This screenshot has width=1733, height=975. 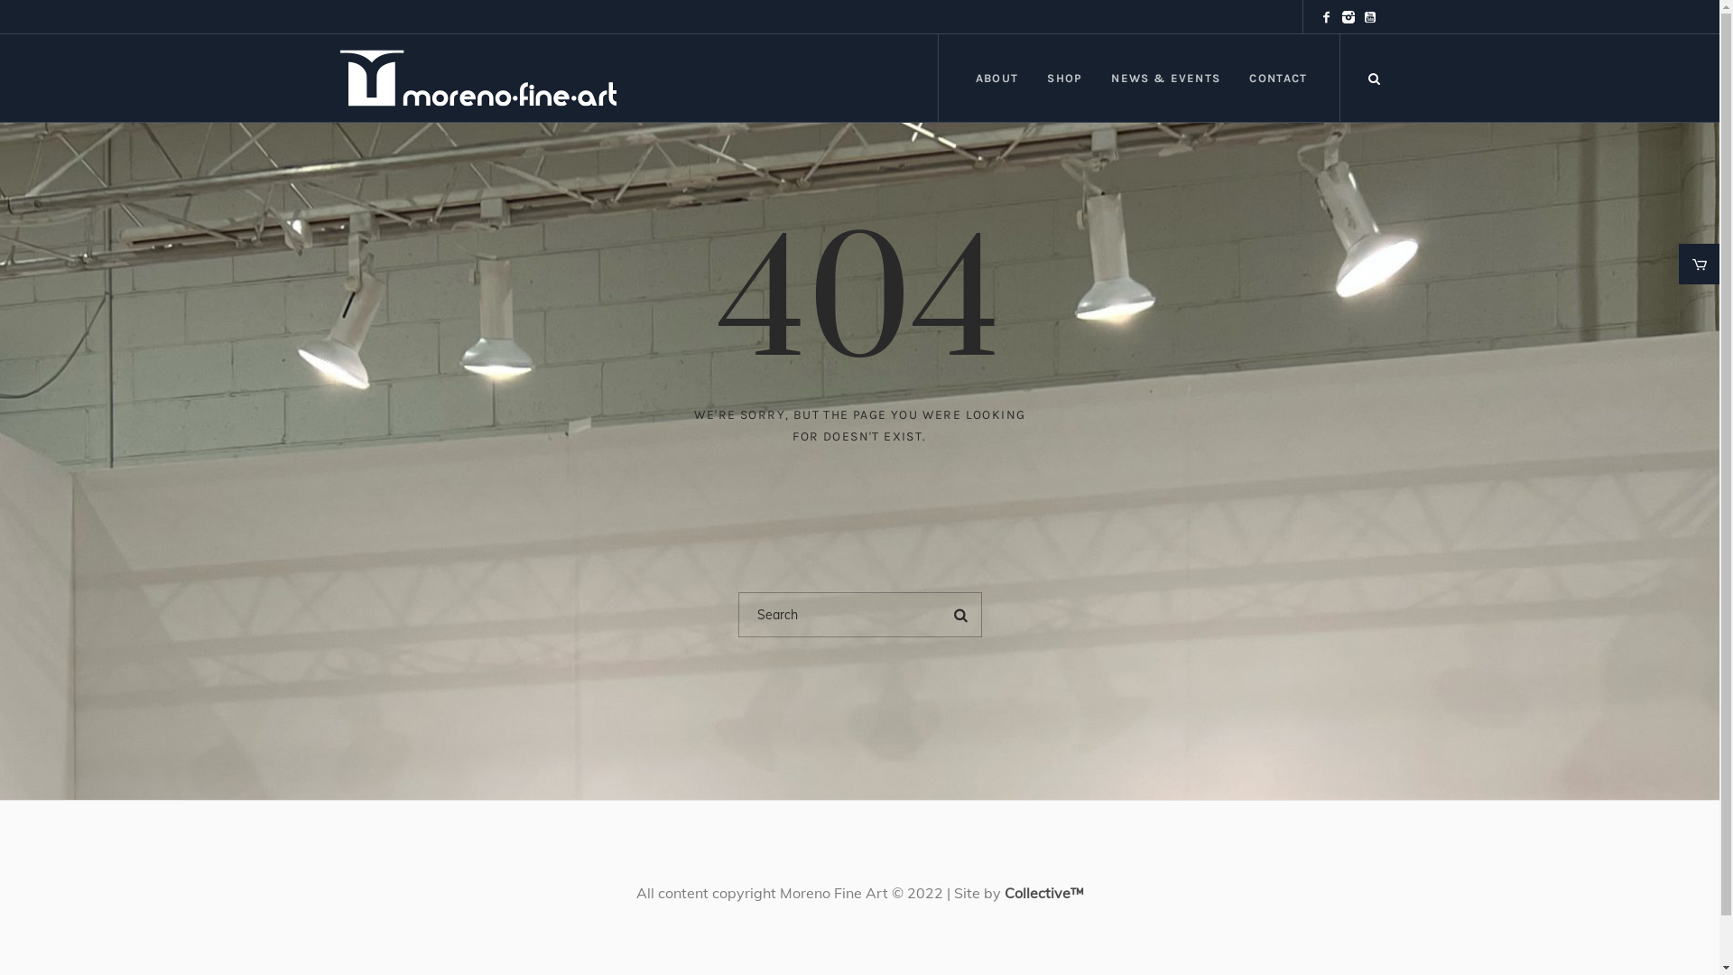 What do you see at coordinates (960, 77) in the screenshot?
I see `'ABOUT'` at bounding box center [960, 77].